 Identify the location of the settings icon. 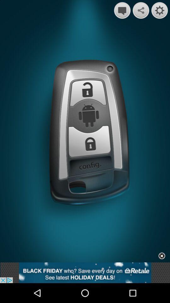
(160, 11).